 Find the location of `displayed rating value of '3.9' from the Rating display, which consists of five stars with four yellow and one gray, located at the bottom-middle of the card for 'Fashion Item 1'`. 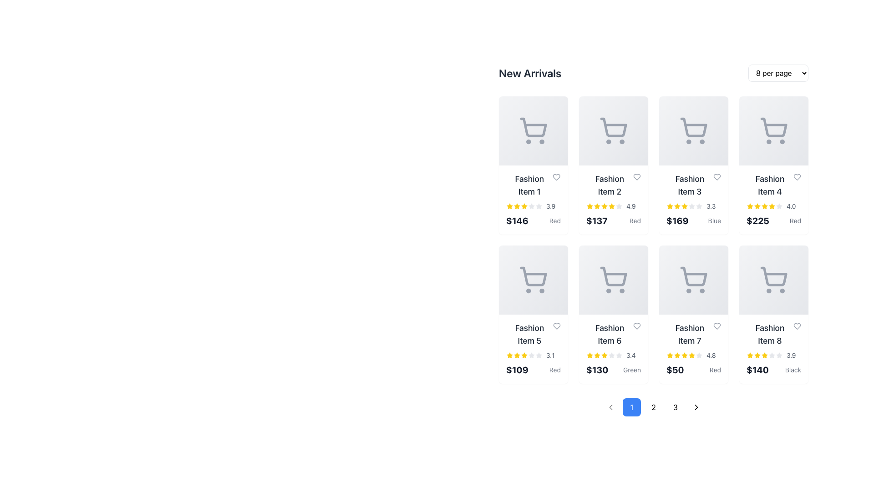

displayed rating value of '3.9' from the Rating display, which consists of five stars with four yellow and one gray, located at the bottom-middle of the card for 'Fashion Item 1' is located at coordinates (533, 206).